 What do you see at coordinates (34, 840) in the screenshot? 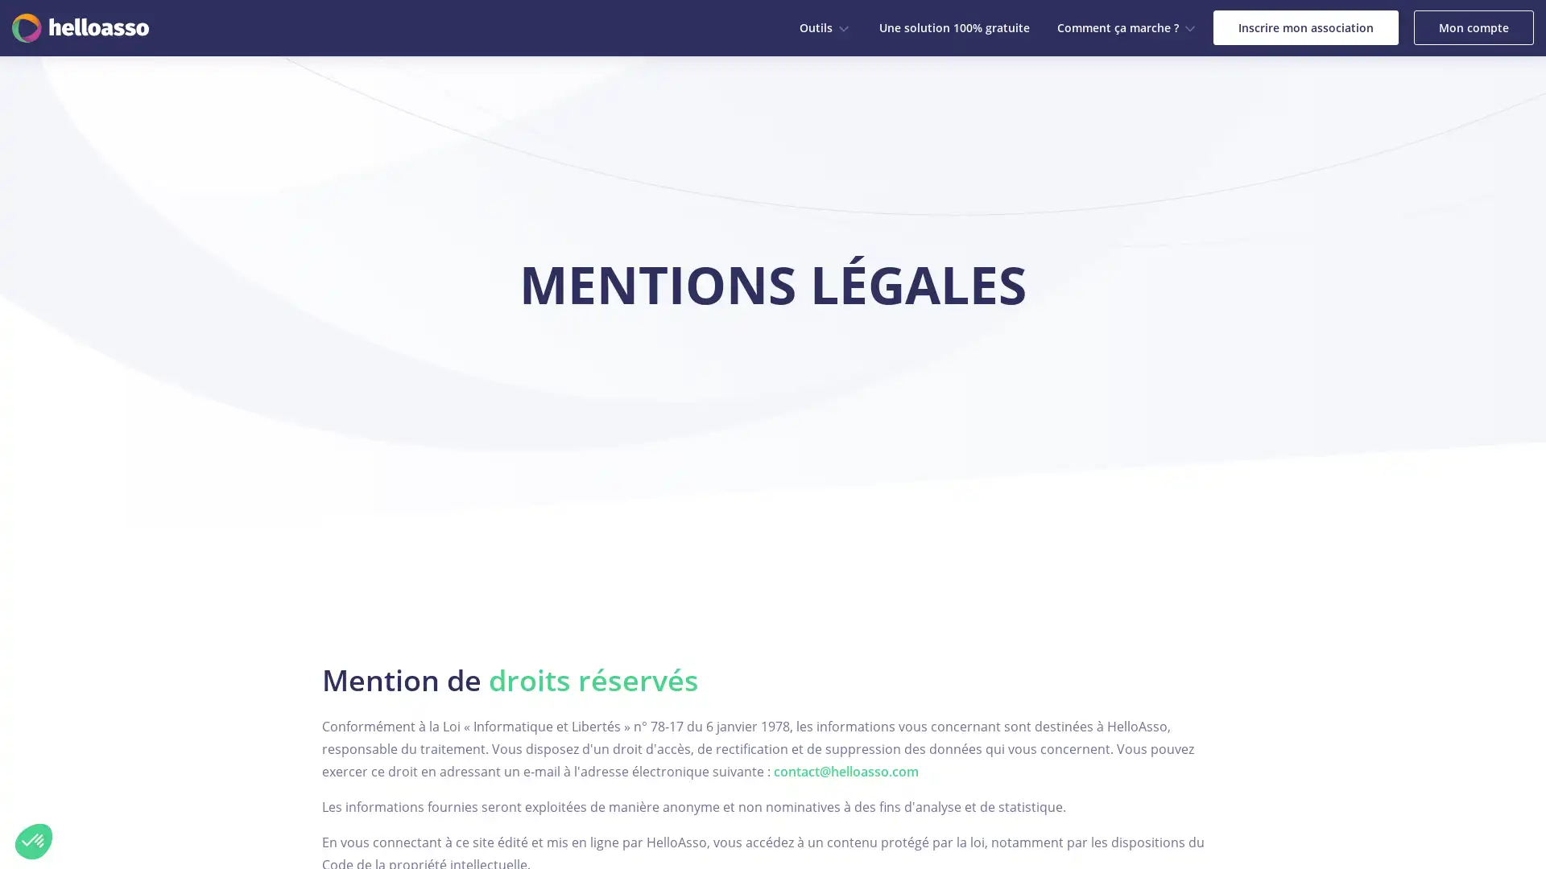
I see `Non merci` at bounding box center [34, 840].